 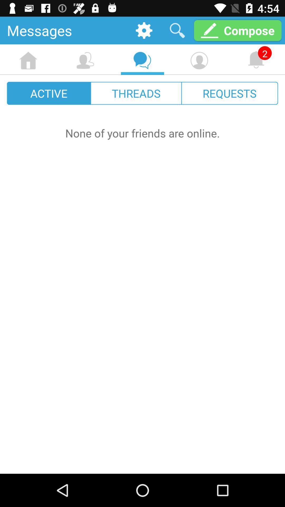 What do you see at coordinates (237, 30) in the screenshot?
I see `item above 2 item` at bounding box center [237, 30].